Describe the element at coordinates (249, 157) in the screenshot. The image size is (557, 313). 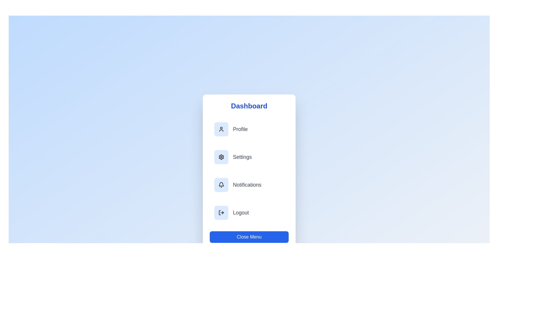
I see `the menu item labeled Settings to navigate to its respective section` at that location.